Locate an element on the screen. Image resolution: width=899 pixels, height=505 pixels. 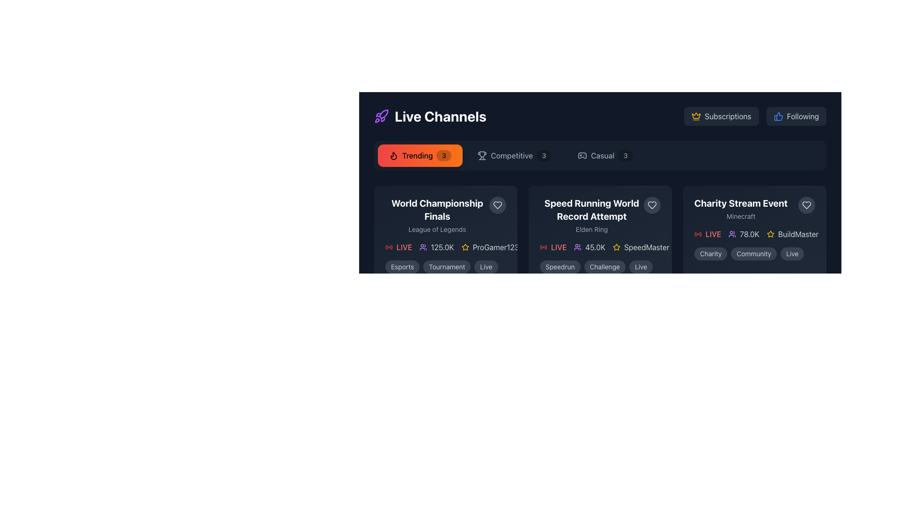
the second badge in the horizontal group of badges located below the 'Charity Stream Event' card, which indicates a content type or characteristic is located at coordinates (754, 254).